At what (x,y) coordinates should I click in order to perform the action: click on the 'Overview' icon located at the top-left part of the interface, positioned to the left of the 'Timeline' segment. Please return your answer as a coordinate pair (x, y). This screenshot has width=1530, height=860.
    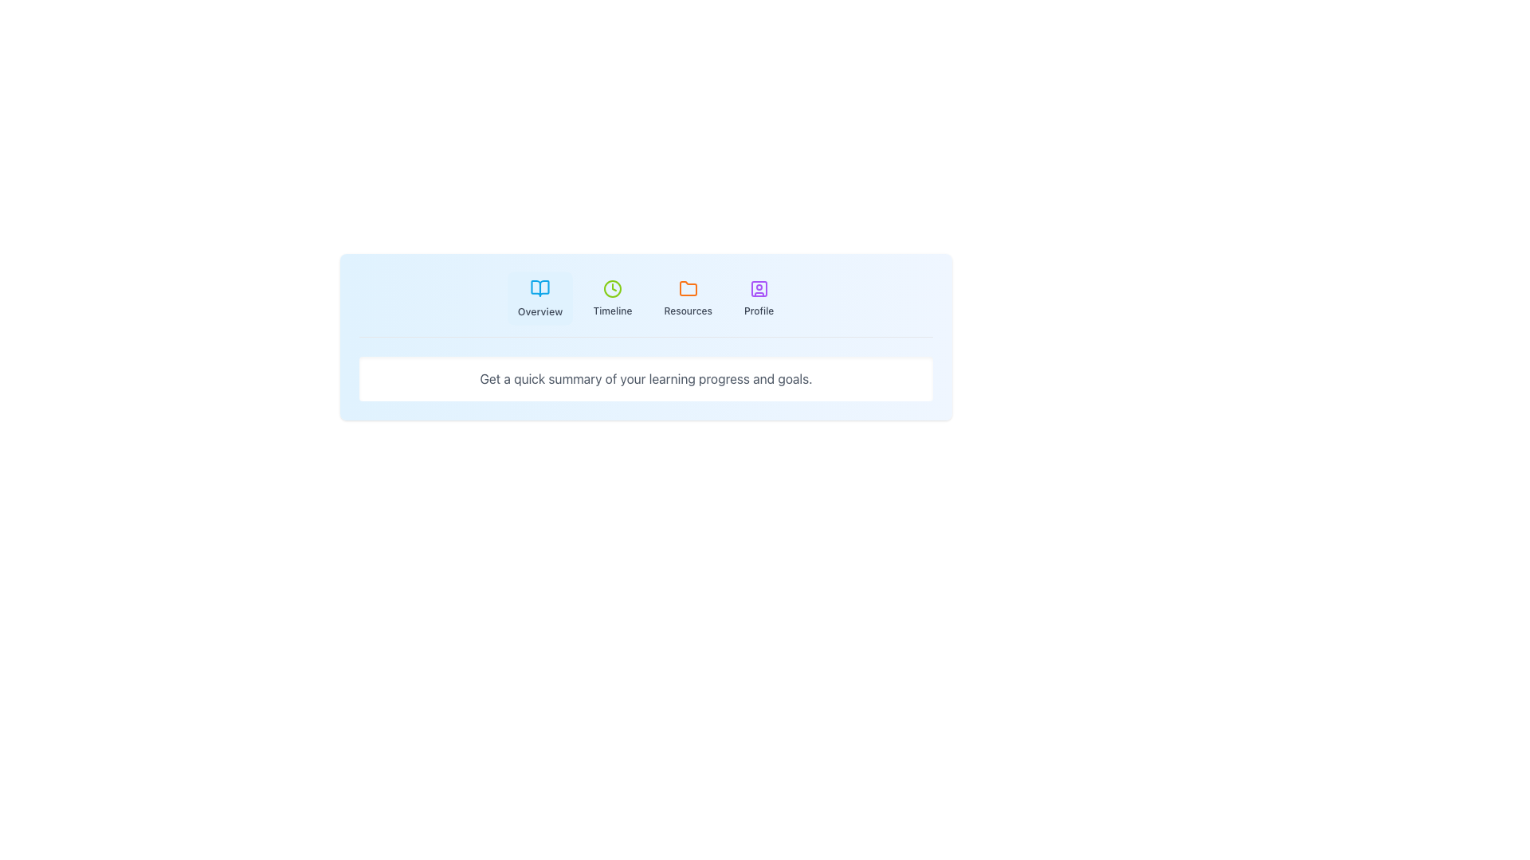
    Looking at the image, I should click on (539, 288).